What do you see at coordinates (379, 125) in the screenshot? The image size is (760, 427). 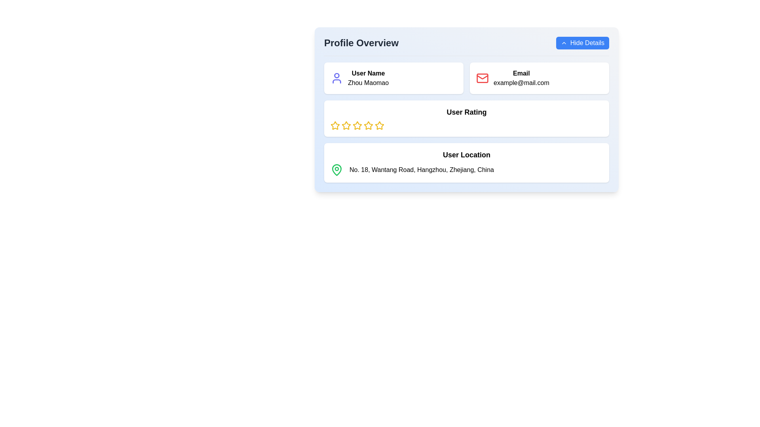 I see `the fifth yellow star icon in the 'User Rating' section under the 'Profile Overview' heading to represent a user rating` at bounding box center [379, 125].